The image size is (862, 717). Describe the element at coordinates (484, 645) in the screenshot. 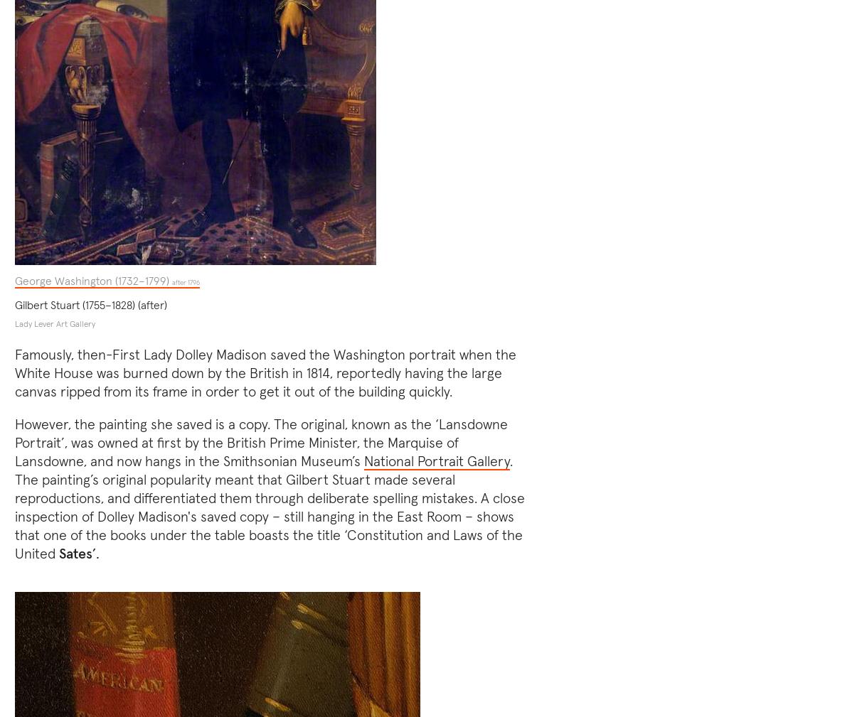

I see `'Privacy policy'` at that location.